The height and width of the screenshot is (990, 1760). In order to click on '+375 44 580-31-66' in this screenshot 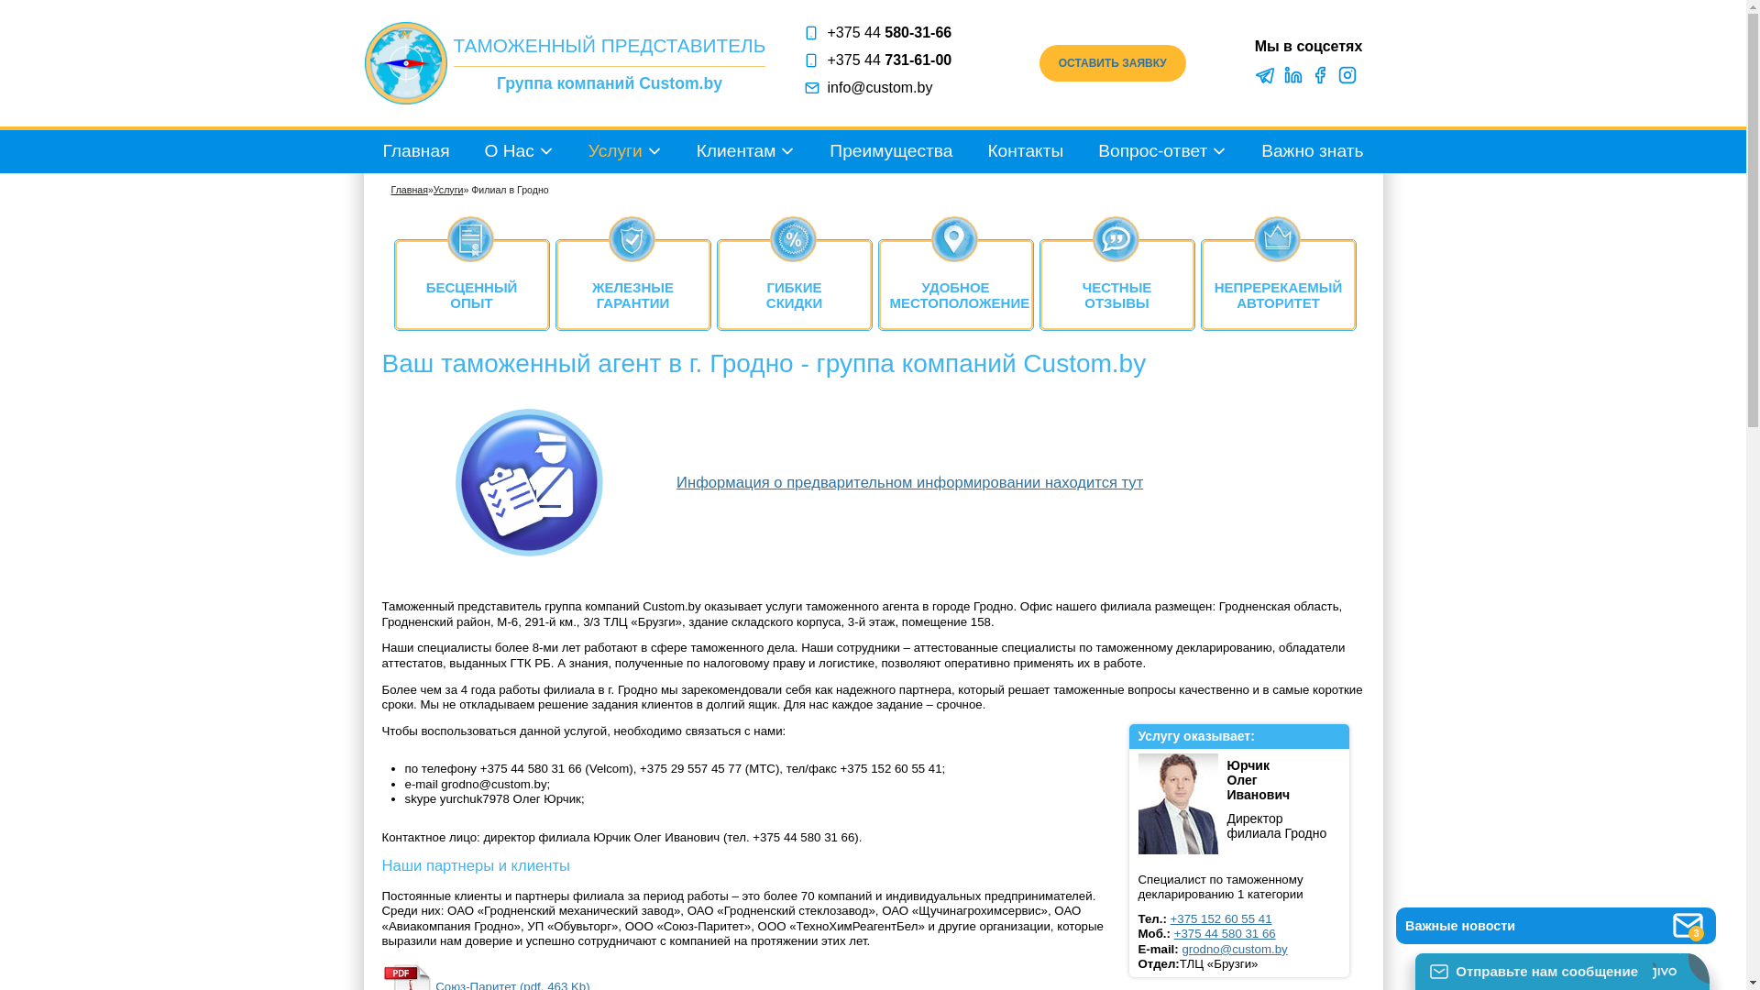, I will do `click(894, 33)`.